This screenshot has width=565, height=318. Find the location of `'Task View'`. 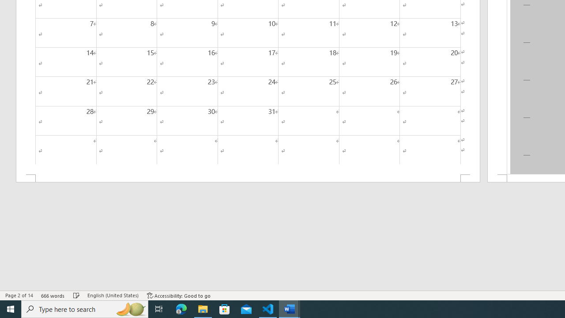

'Task View' is located at coordinates (158, 308).